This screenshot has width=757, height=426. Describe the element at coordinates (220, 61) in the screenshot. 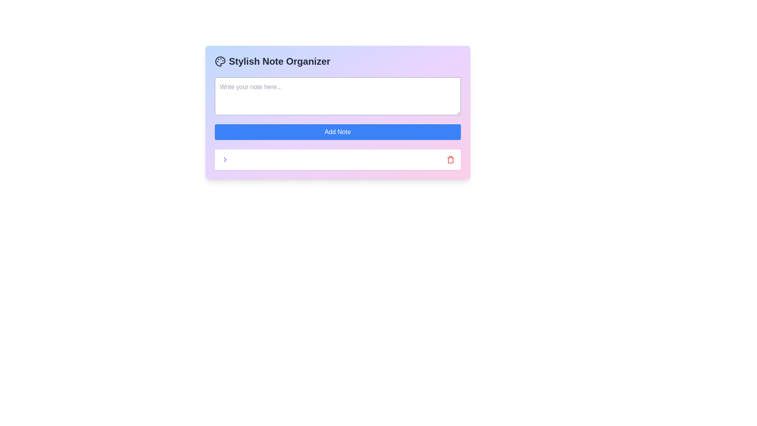

I see `the decorative icon located to the left of the 'Stylish Note Organizer' text in the header section of the note organizer interface` at that location.